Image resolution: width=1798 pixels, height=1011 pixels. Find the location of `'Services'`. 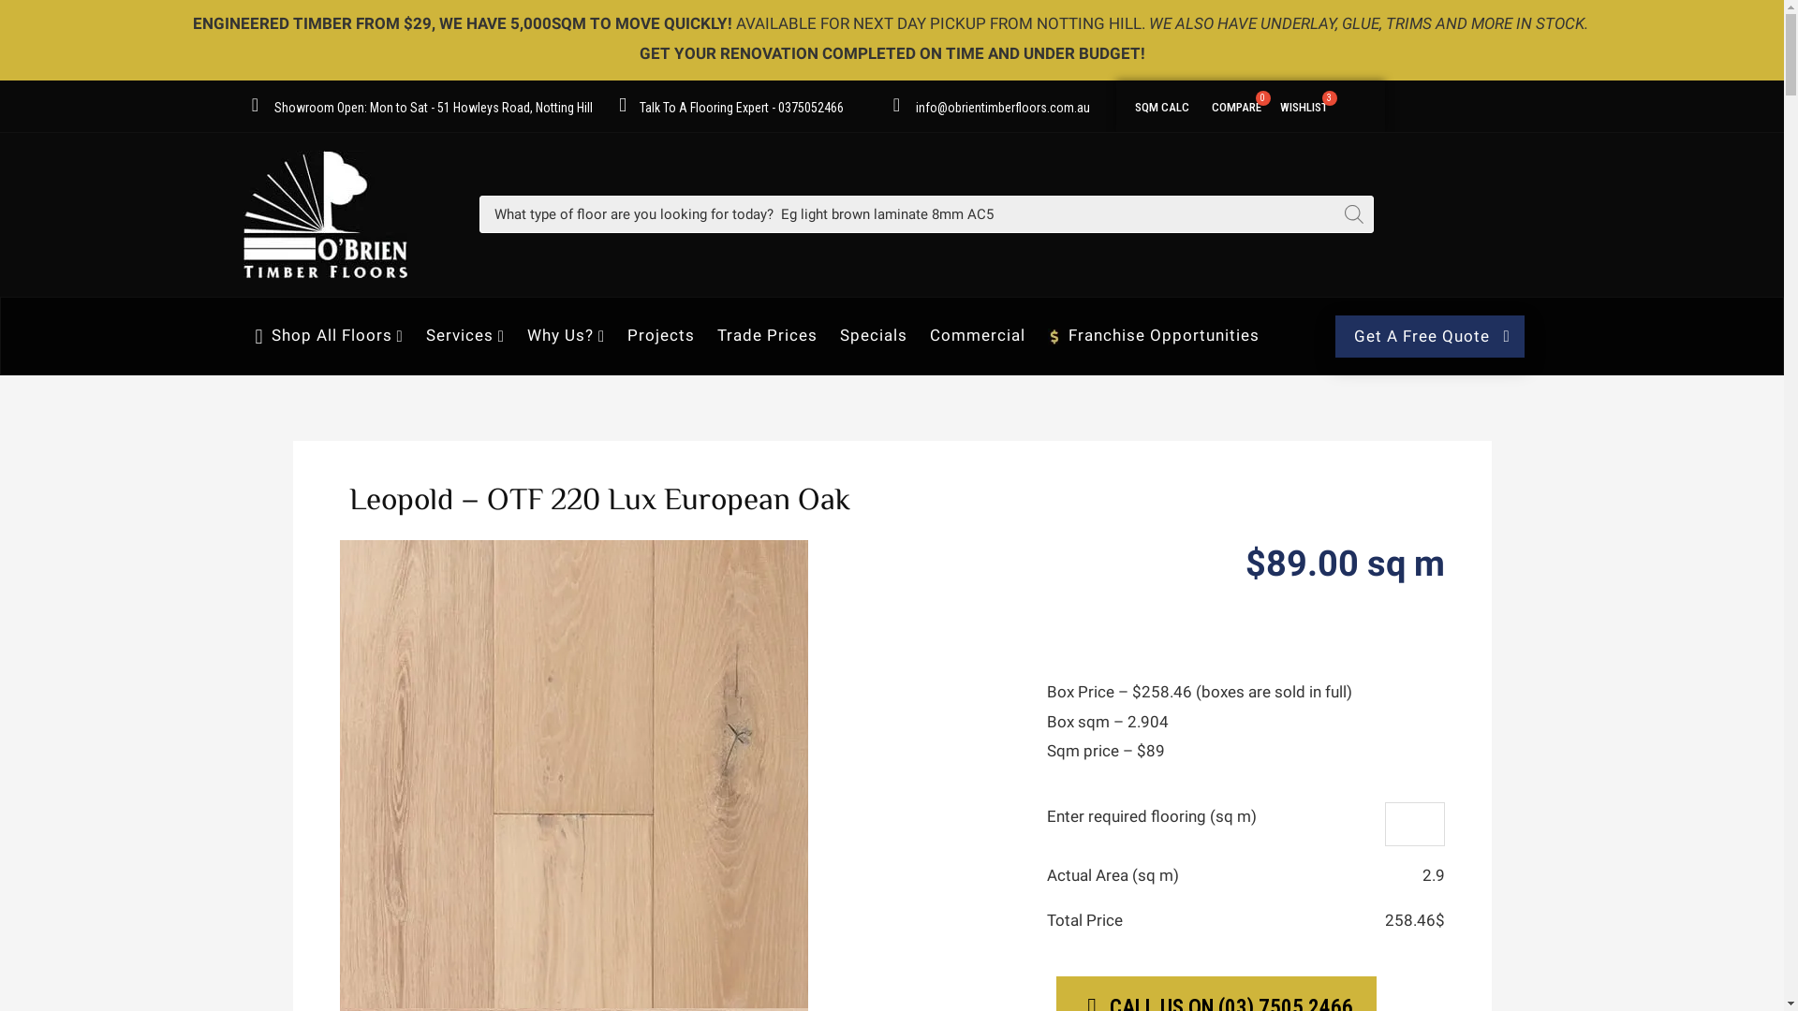

'Services' is located at coordinates (465, 334).